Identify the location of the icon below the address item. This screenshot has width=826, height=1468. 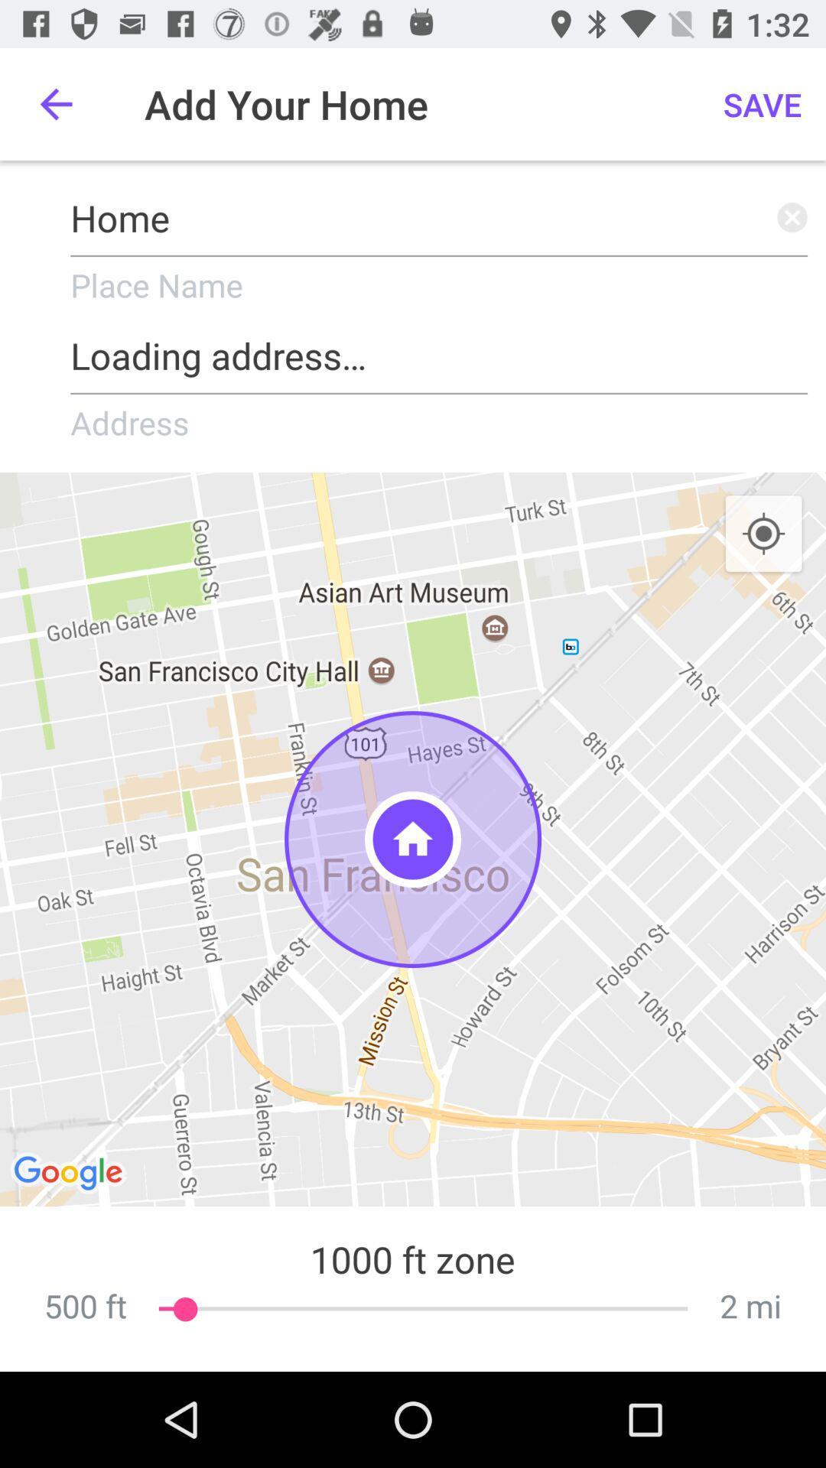
(413, 839).